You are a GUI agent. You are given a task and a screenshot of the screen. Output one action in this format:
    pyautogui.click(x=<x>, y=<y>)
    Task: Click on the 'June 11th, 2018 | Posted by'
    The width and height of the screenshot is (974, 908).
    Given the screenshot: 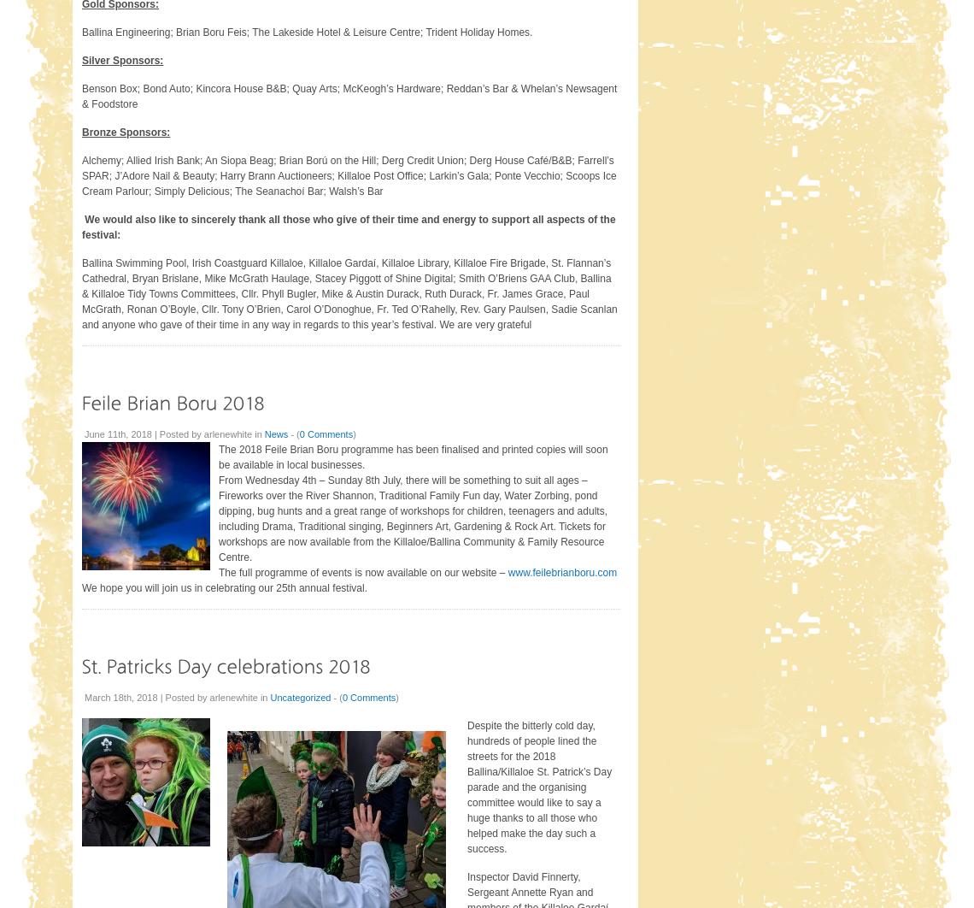 What is the action you would take?
    pyautogui.click(x=83, y=432)
    